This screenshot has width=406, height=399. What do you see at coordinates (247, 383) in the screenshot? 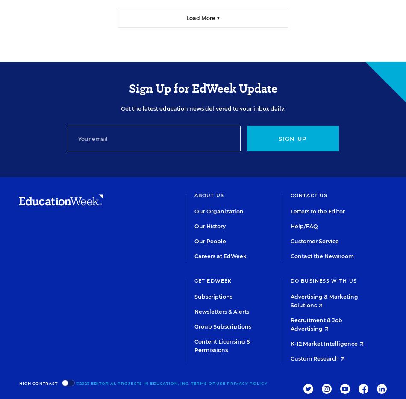
I see `'Privacy Policy'` at bounding box center [247, 383].